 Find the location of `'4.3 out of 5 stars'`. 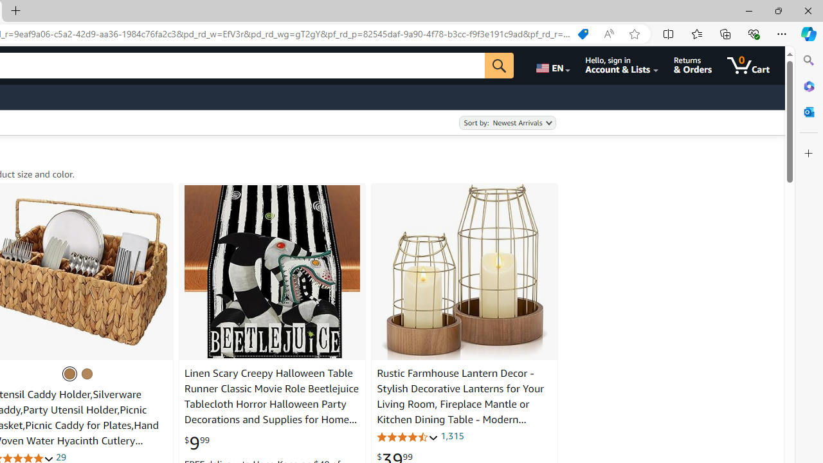

'4.3 out of 5 stars' is located at coordinates (407, 436).